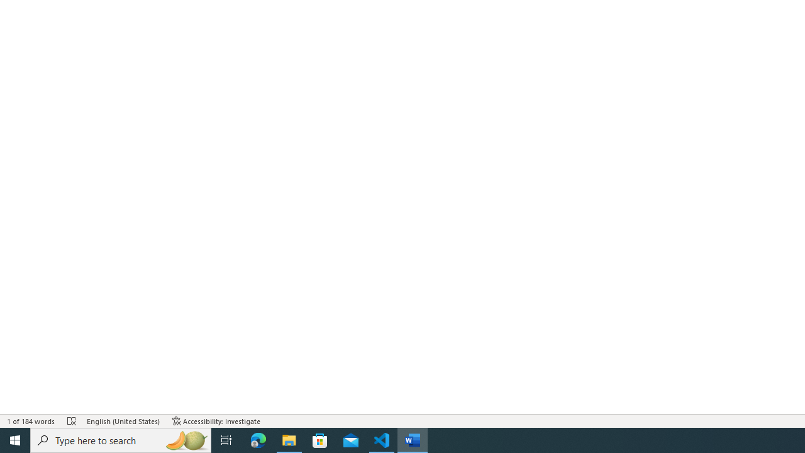  What do you see at coordinates (413, 439) in the screenshot?
I see `'Word - 1 running window'` at bounding box center [413, 439].